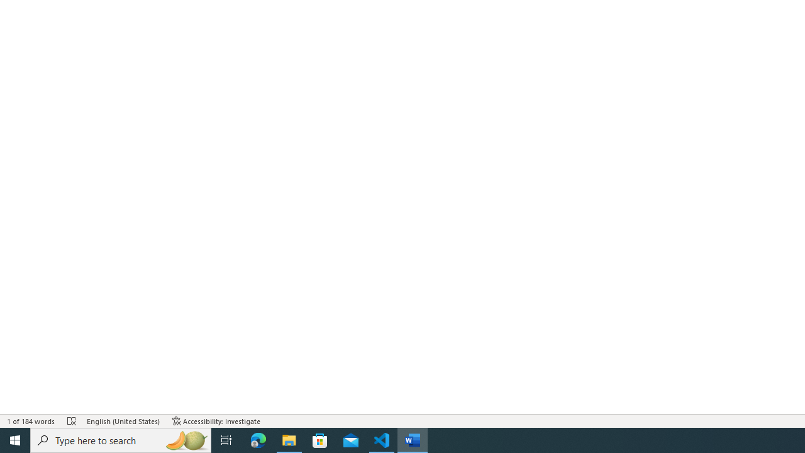  What do you see at coordinates (413, 439) in the screenshot?
I see `'Word - 1 running window'` at bounding box center [413, 439].